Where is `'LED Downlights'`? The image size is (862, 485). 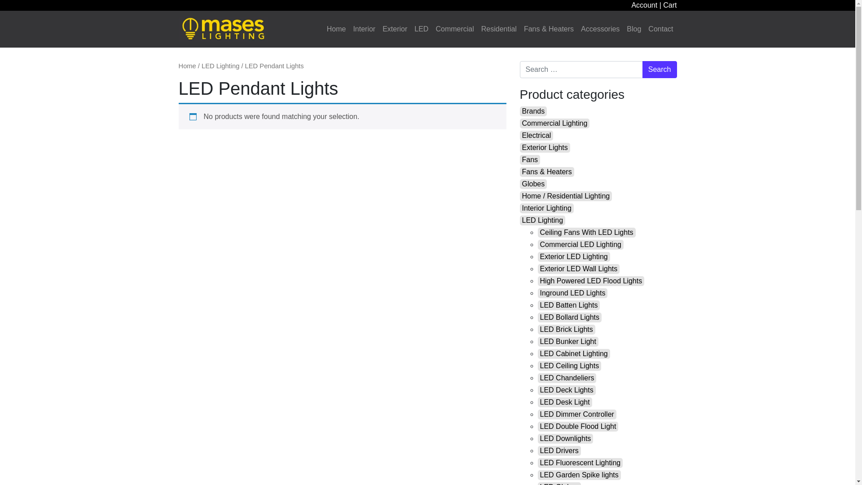
'LED Downlights' is located at coordinates (565, 438).